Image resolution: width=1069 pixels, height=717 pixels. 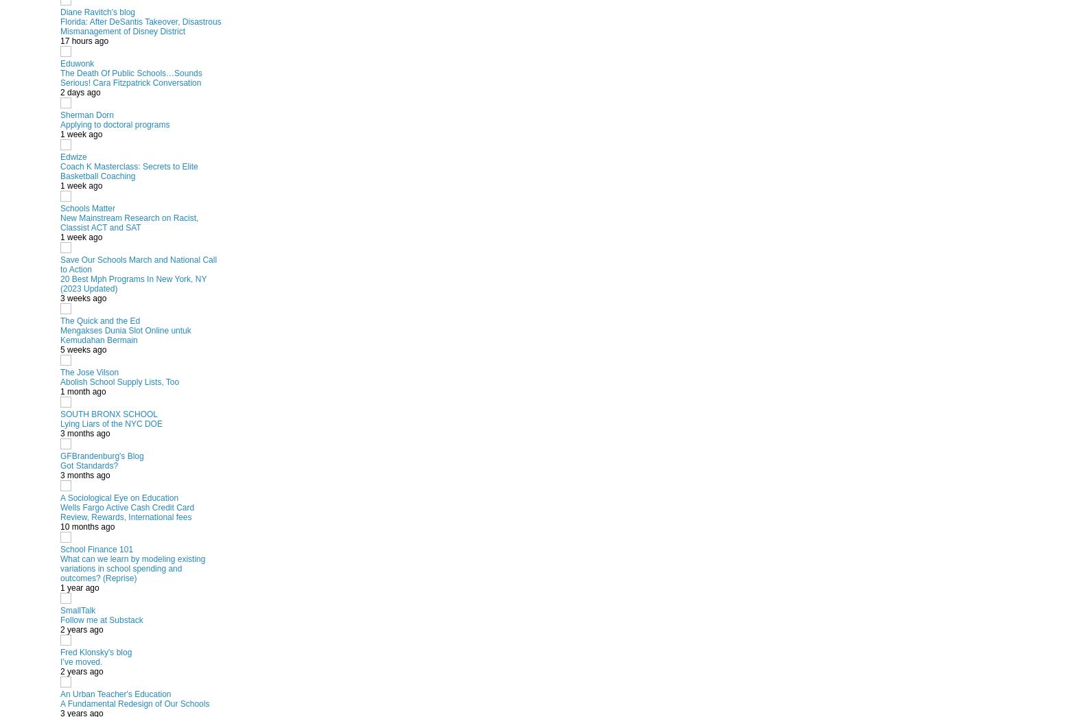 What do you see at coordinates (126, 334) in the screenshot?
I see `'Mengakses Dunia Slot Online untuk Kemudahan Bermain'` at bounding box center [126, 334].